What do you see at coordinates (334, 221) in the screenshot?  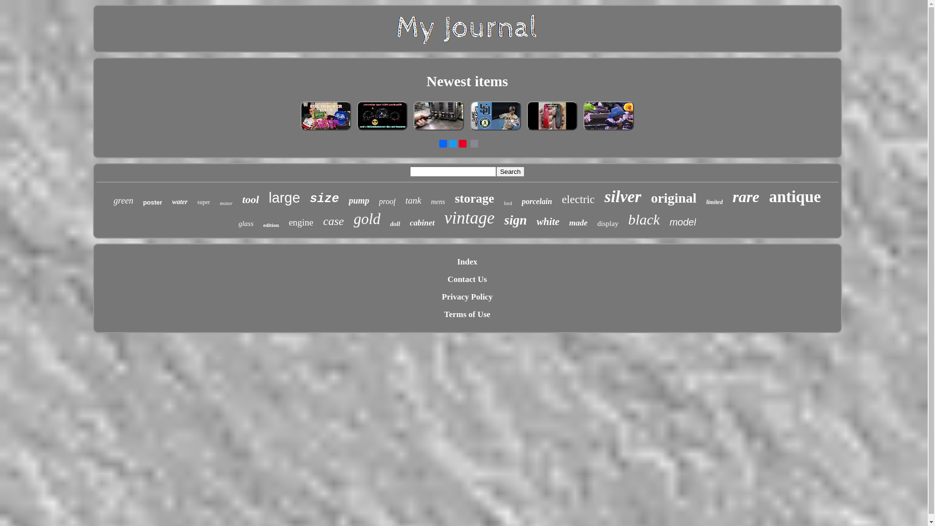 I see `'case'` at bounding box center [334, 221].